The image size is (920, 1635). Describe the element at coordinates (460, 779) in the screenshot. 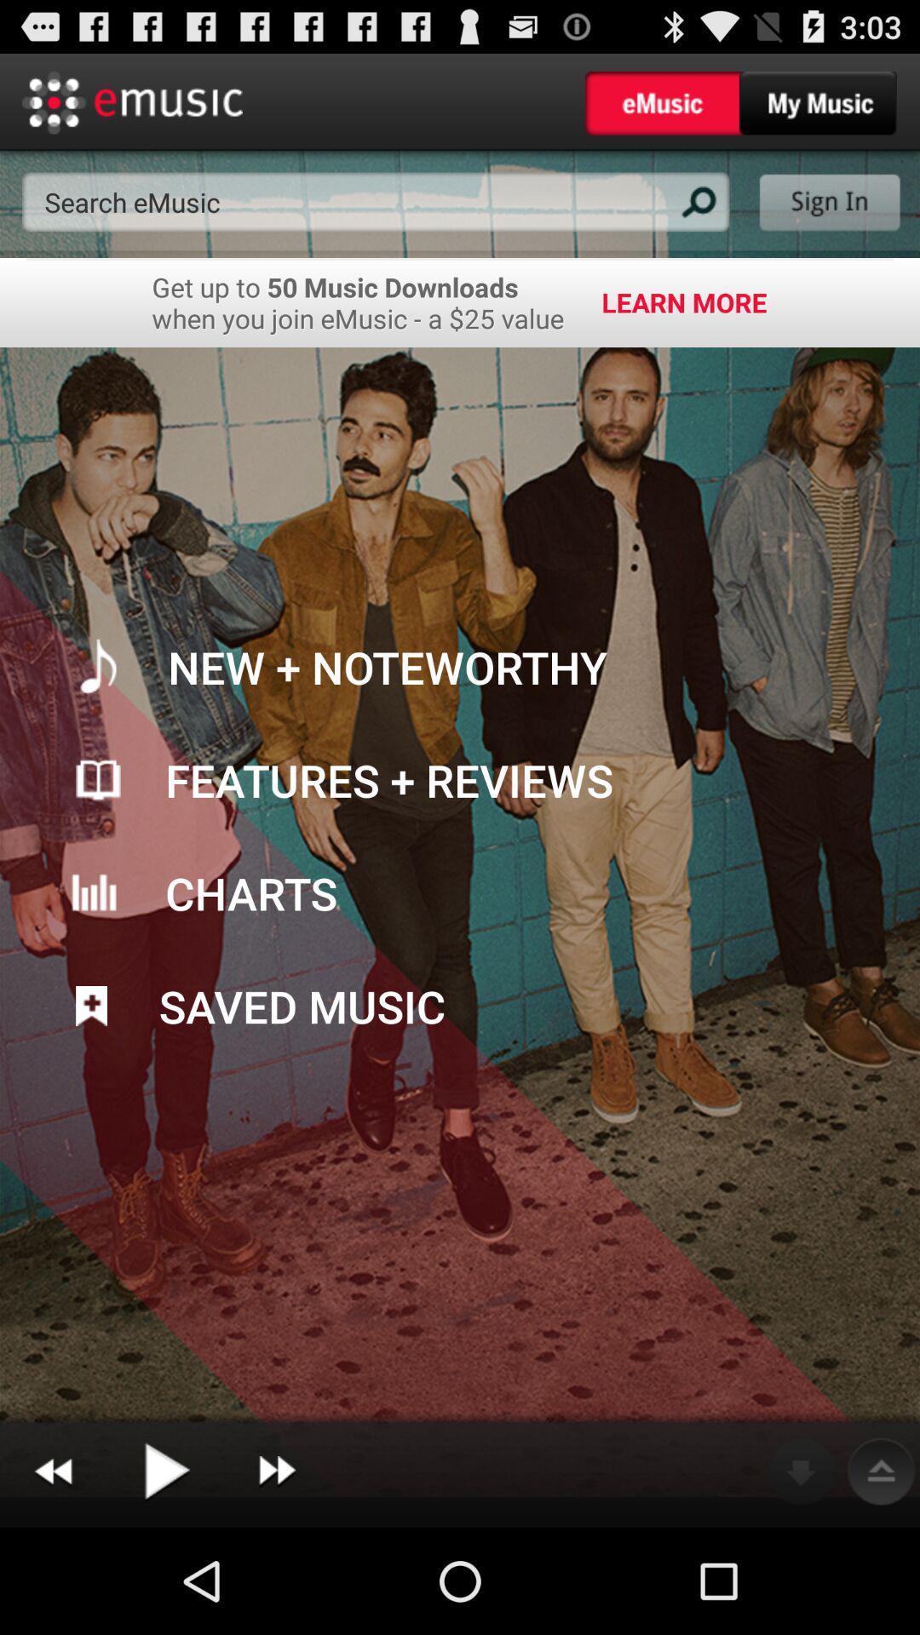

I see `option above charts option` at that location.